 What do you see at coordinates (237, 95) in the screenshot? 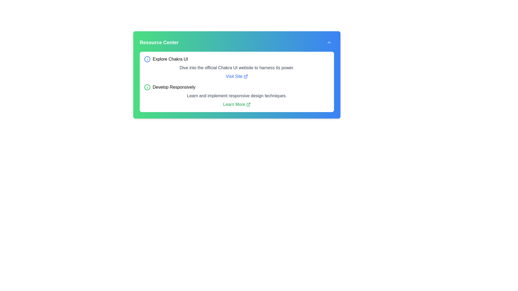
I see `the descriptive text about implementing responsive design techniques, located under the 'Develop Responsively' heading in the 'Resource Center' section, directly above the 'Learn More' link` at bounding box center [237, 95].